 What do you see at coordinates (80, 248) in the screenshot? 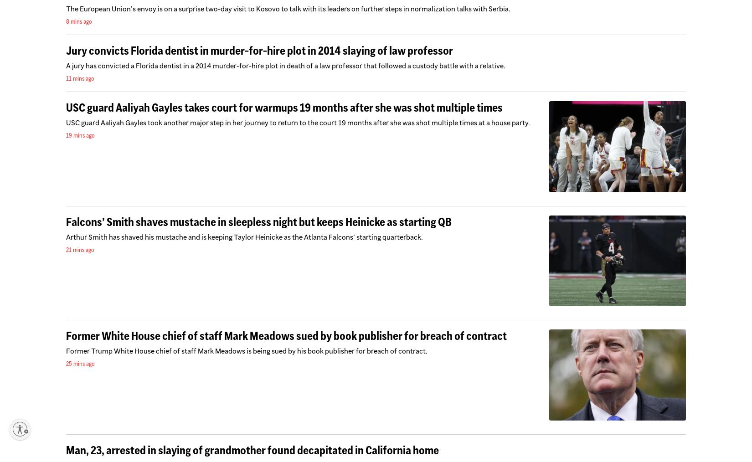
I see `'21 mins ago'` at bounding box center [80, 248].